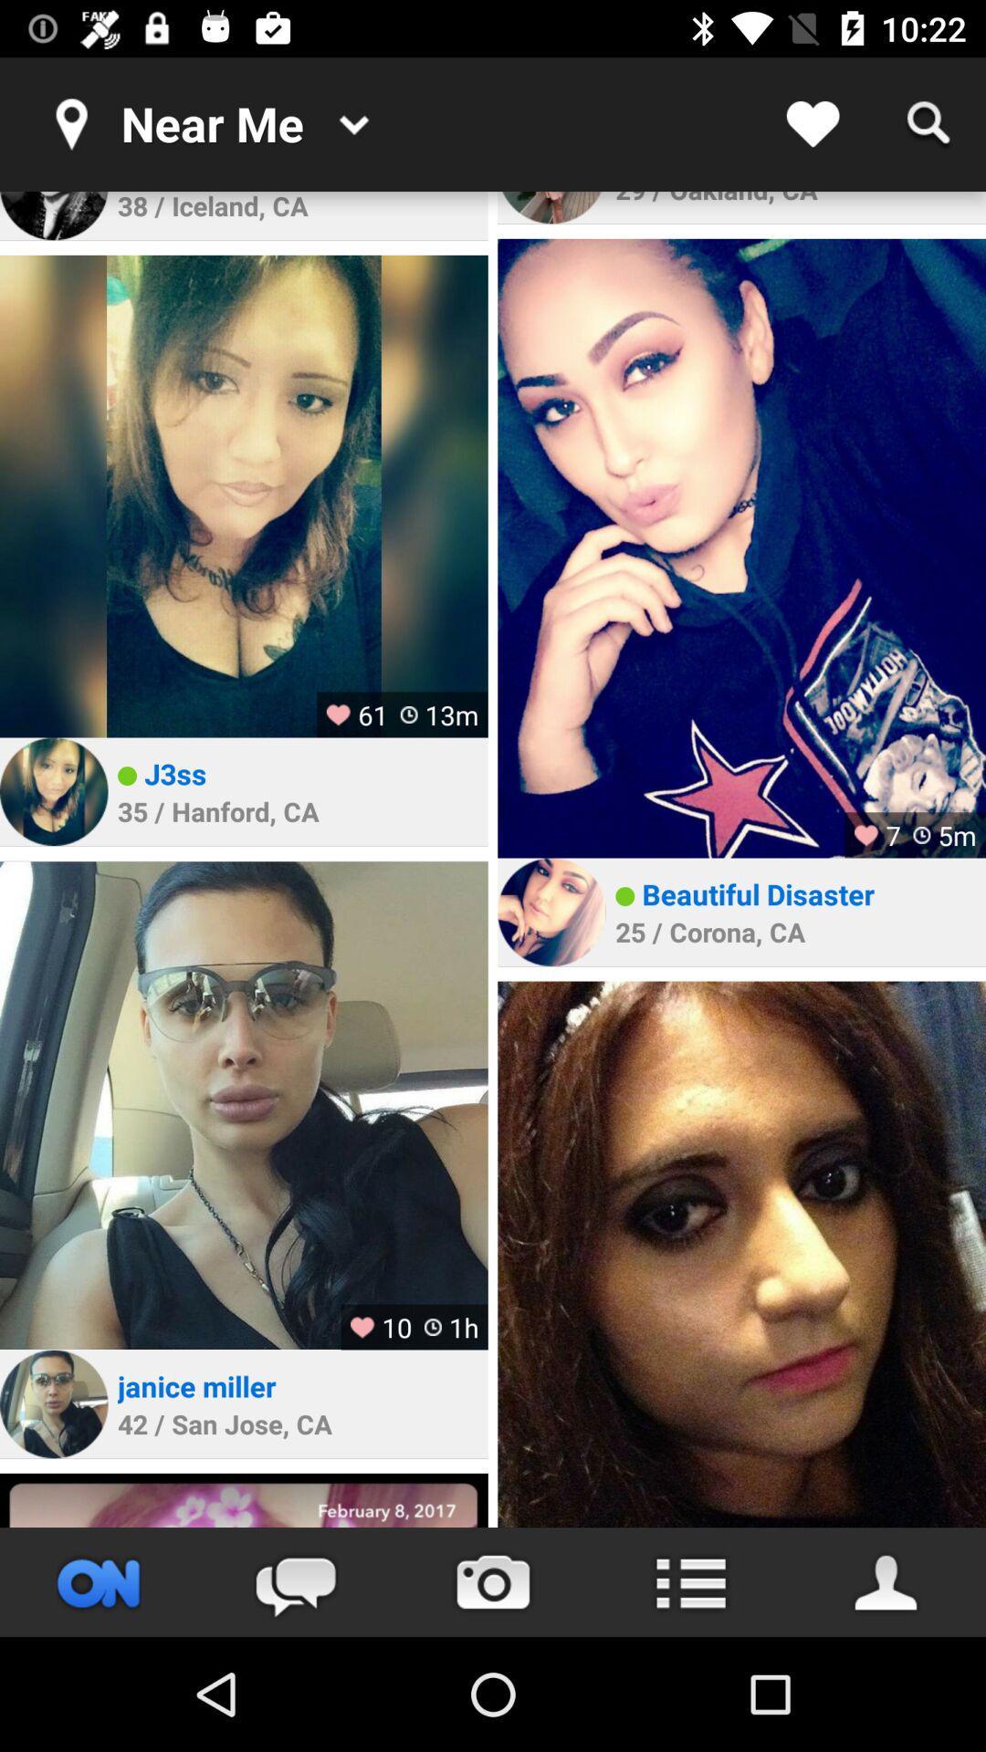 This screenshot has width=986, height=1752. I want to click on profile, so click(53, 791).